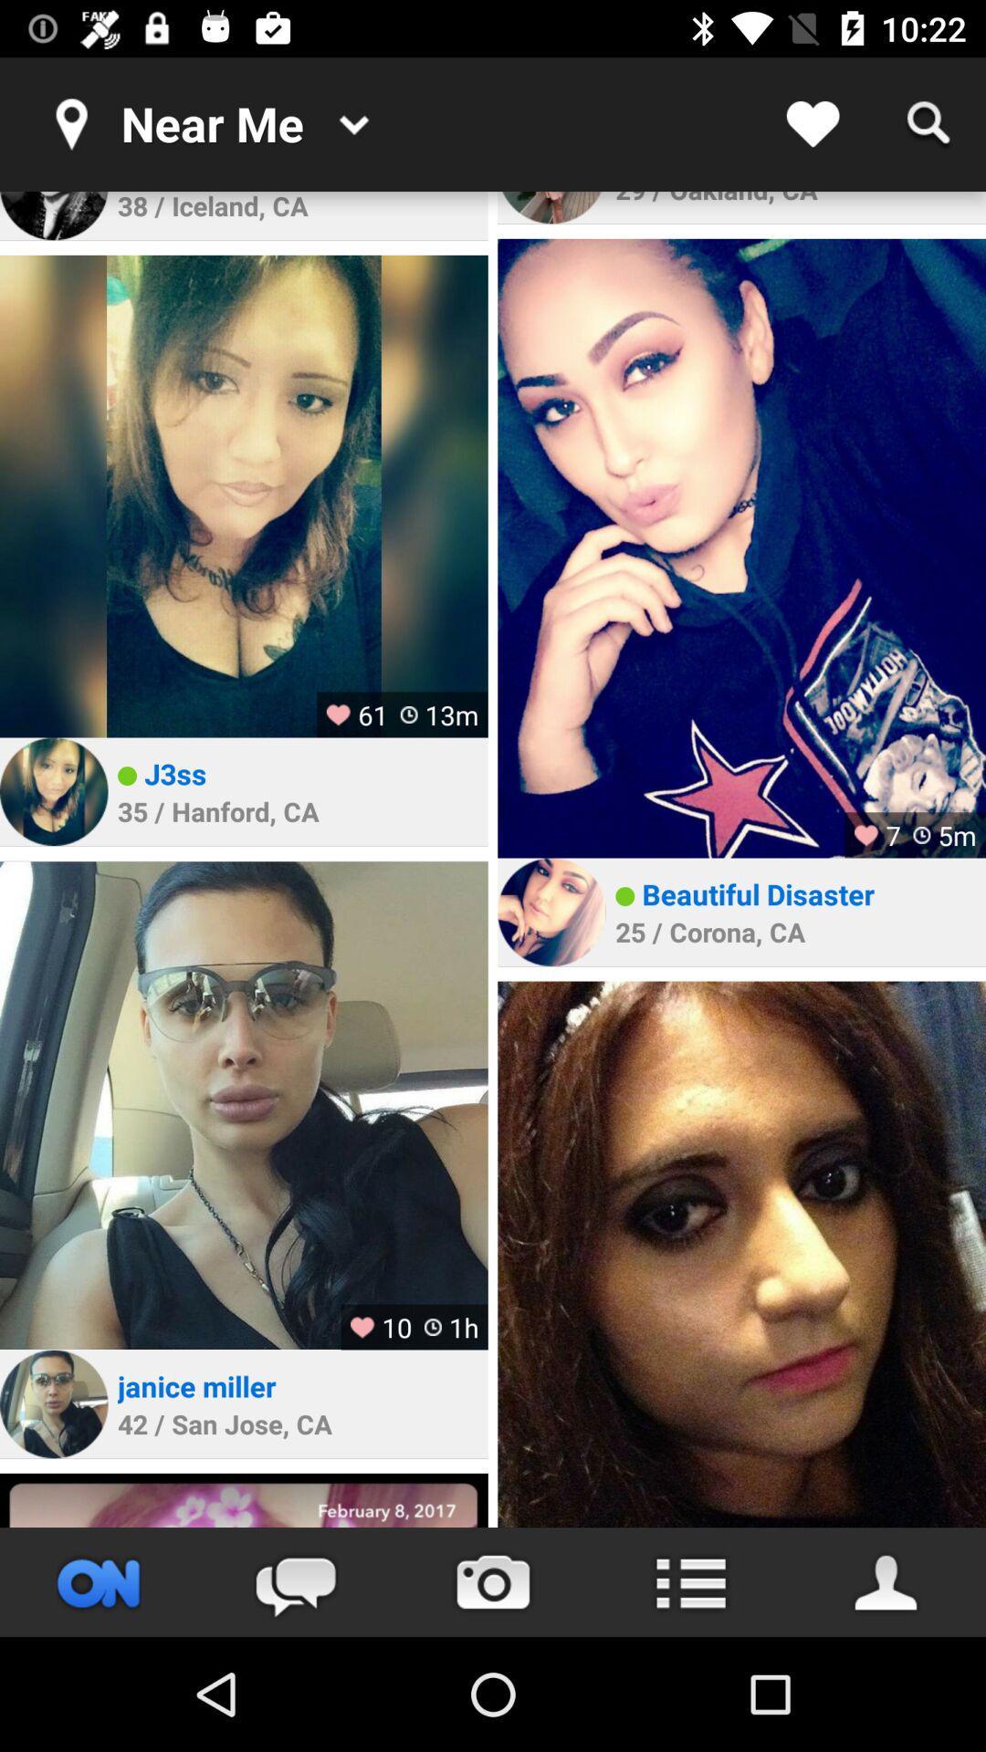 This screenshot has width=986, height=1752. I want to click on profile, so click(53, 791).